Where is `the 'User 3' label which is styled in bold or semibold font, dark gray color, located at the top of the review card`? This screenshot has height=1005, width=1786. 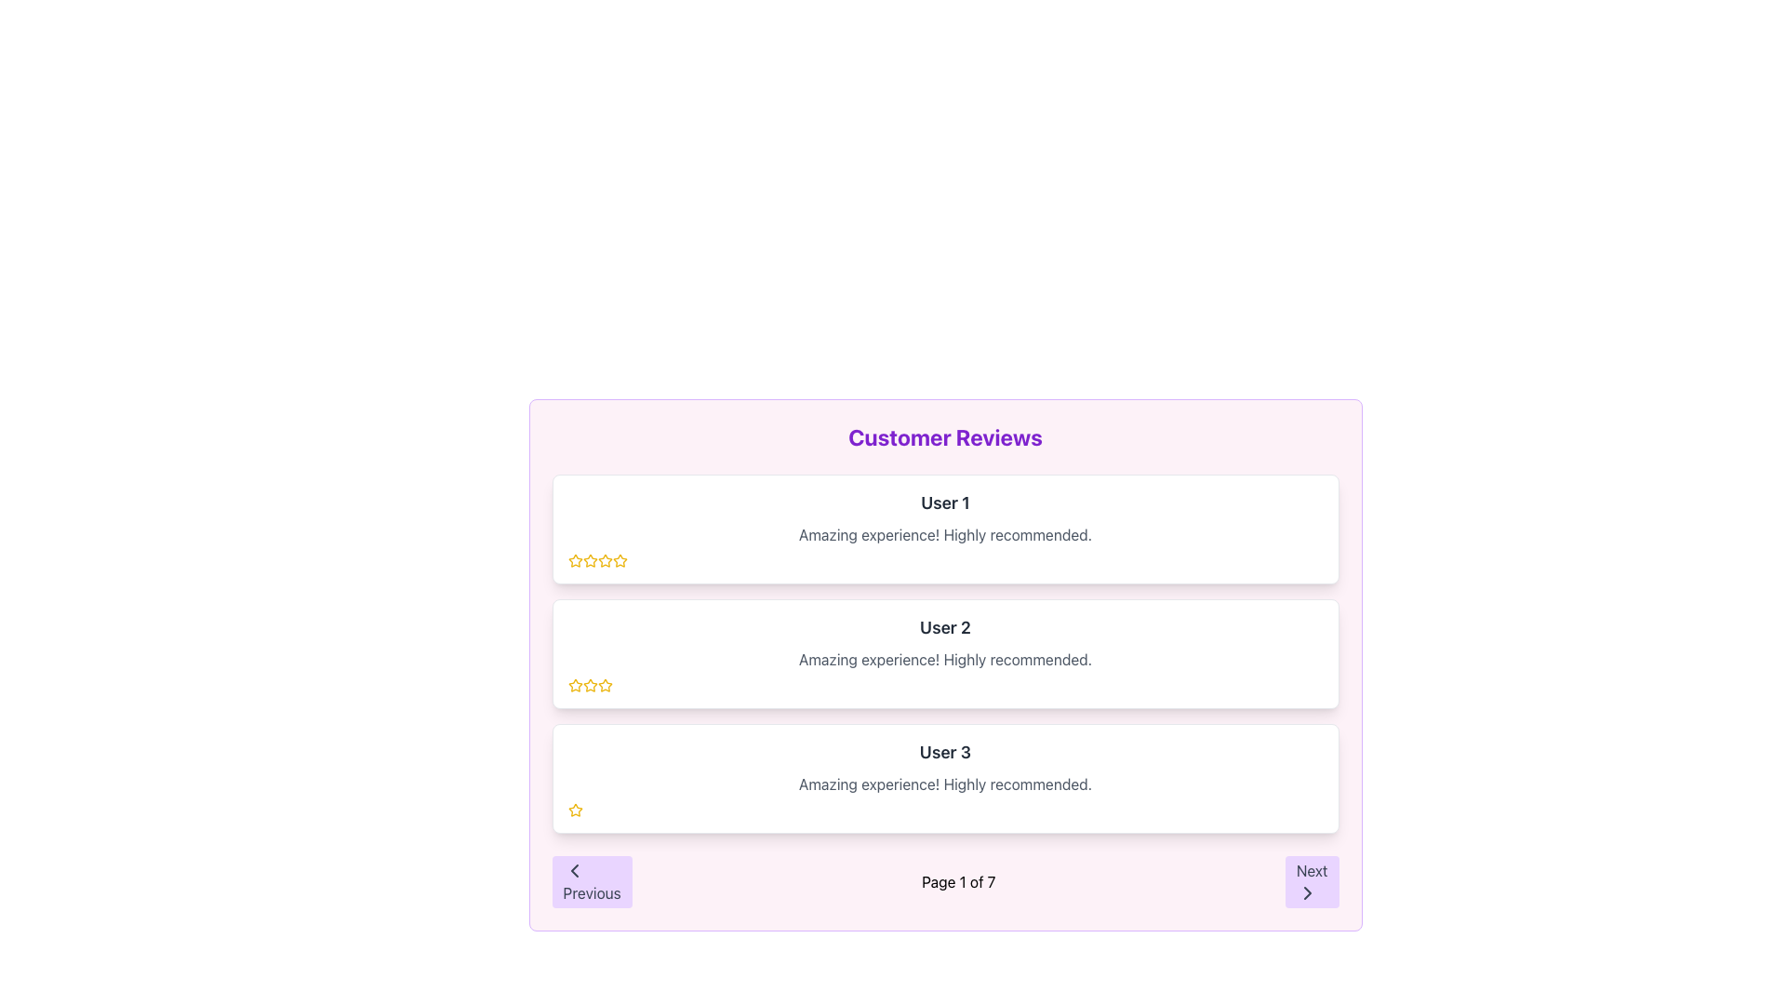
the 'User 3' label which is styled in bold or semibold font, dark gray color, located at the top of the review card is located at coordinates (945, 752).